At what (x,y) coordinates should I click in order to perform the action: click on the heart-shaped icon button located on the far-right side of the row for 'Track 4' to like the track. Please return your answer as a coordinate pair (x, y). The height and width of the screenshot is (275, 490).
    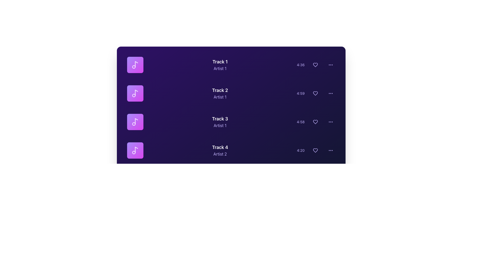
    Looking at the image, I should click on (315, 150).